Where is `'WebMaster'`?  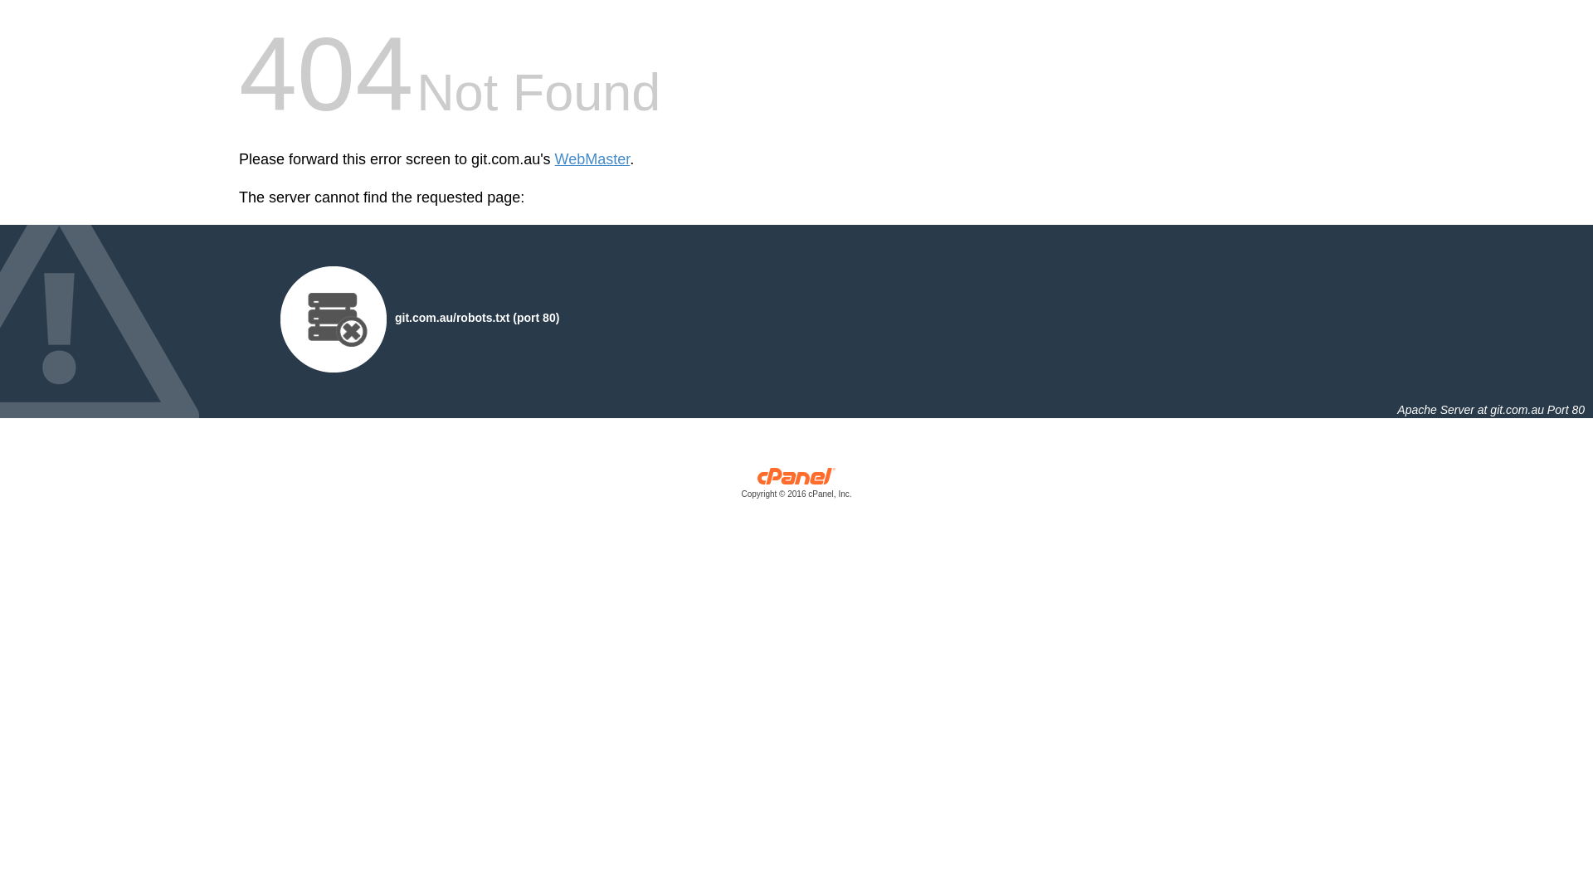 'WebMaster' is located at coordinates (592, 159).